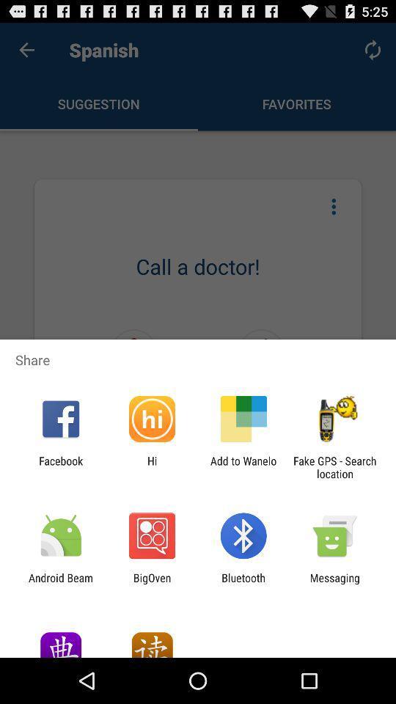 This screenshot has height=704, width=396. Describe the element at coordinates (334, 466) in the screenshot. I see `app to the right of add to wanelo icon` at that location.